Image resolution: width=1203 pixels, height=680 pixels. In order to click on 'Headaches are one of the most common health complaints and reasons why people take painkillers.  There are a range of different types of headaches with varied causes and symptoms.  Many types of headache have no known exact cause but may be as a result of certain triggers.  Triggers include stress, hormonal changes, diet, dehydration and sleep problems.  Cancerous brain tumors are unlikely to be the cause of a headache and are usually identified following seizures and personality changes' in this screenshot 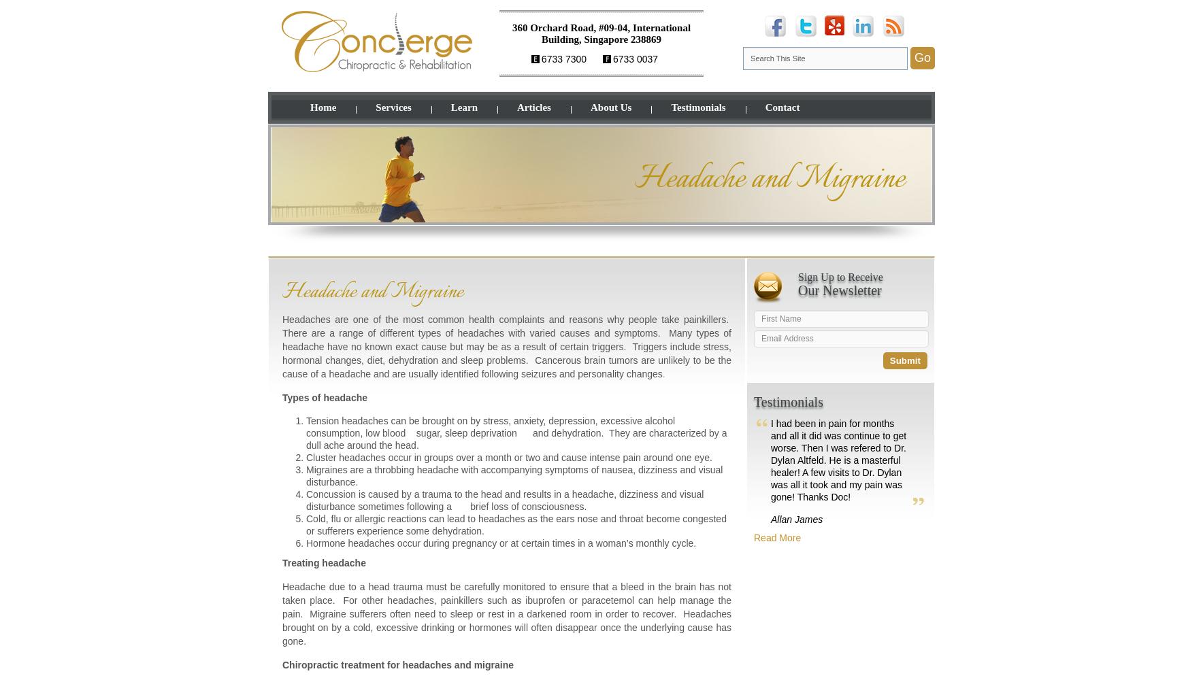, I will do `click(507, 347)`.